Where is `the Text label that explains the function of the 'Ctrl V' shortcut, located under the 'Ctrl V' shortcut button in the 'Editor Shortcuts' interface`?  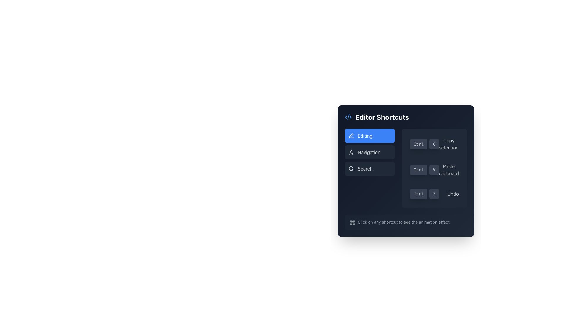 the Text label that explains the function of the 'Ctrl V' shortcut, located under the 'Ctrl V' shortcut button in the 'Editor Shortcuts' interface is located at coordinates (449, 170).